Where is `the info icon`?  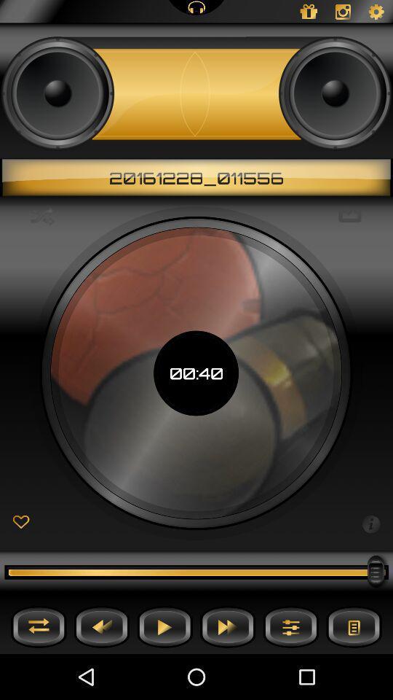 the info icon is located at coordinates (370, 523).